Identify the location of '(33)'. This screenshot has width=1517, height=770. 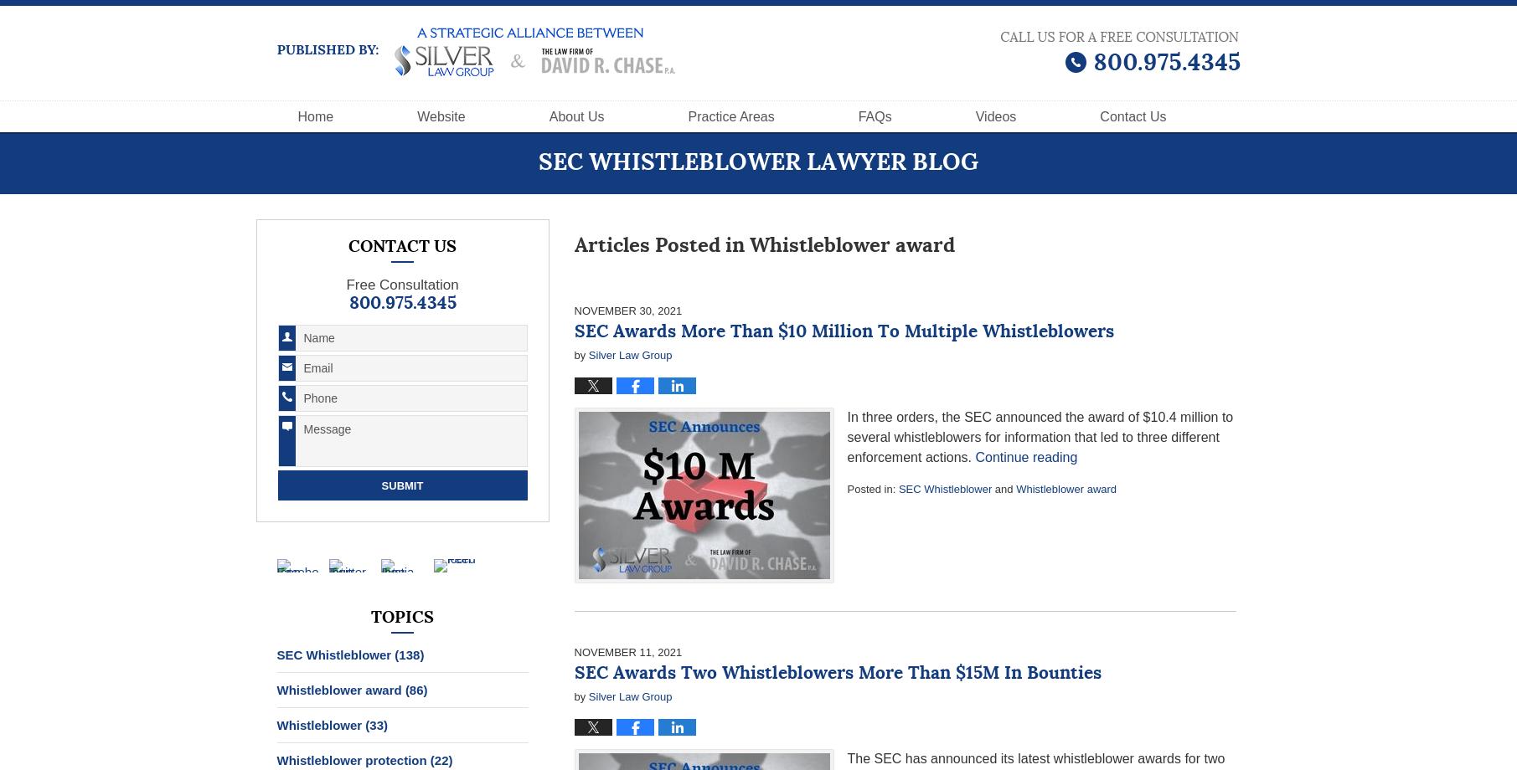
(376, 724).